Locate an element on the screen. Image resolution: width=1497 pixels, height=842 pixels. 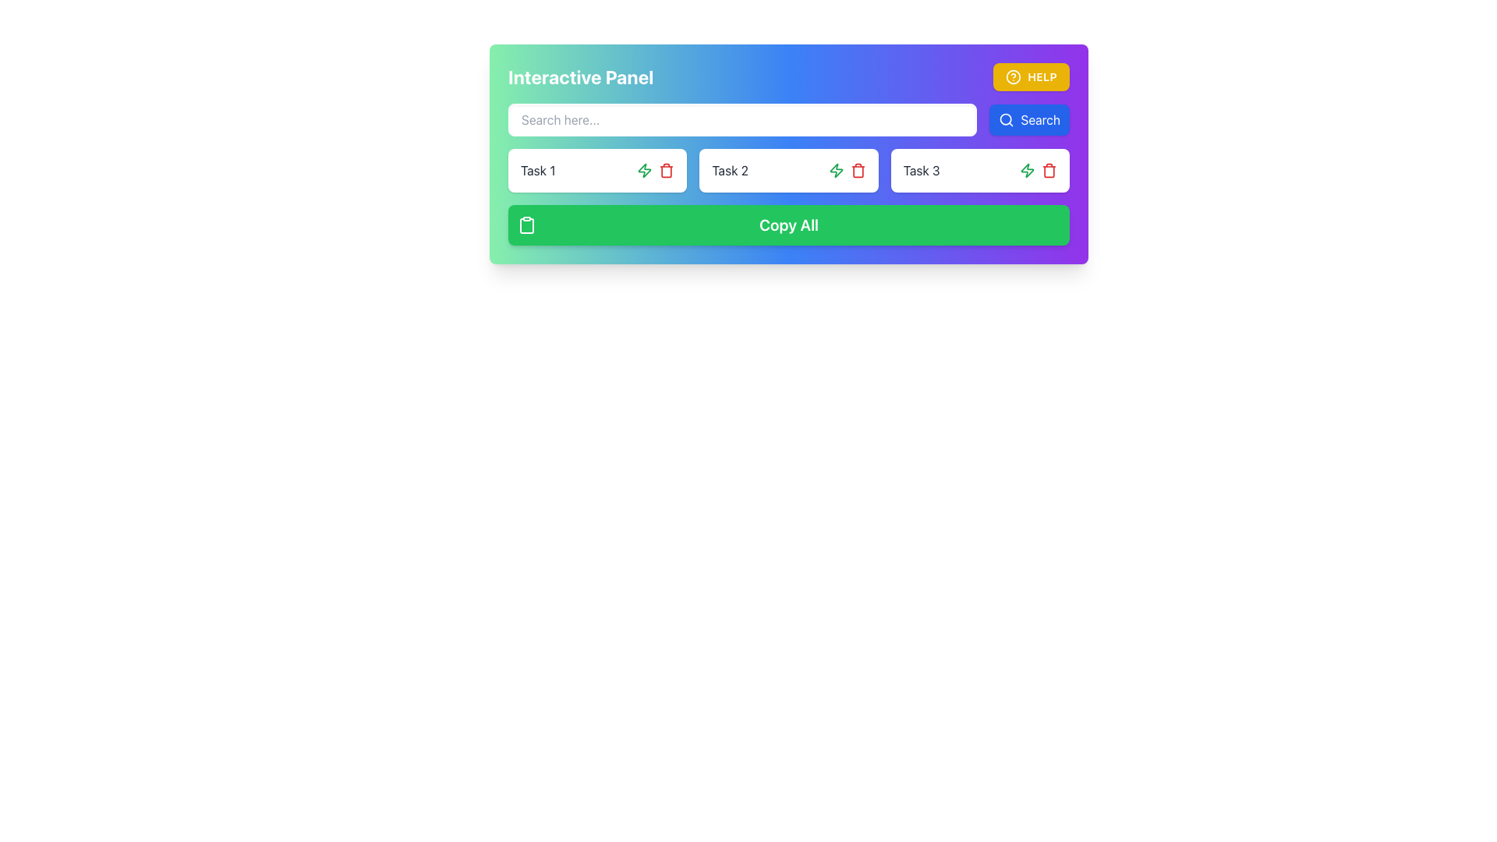
the 'Help' button icon located in the upper-right section of the interface is located at coordinates (1014, 77).